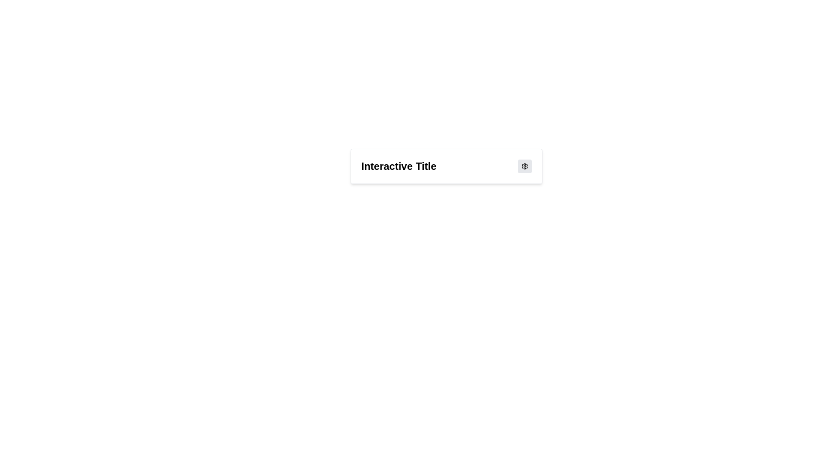 This screenshot has height=462, width=822. Describe the element at coordinates (524, 166) in the screenshot. I see `the gear-shaped settings icon located within the white card on the right side of the 'Interactive Title'` at that location.